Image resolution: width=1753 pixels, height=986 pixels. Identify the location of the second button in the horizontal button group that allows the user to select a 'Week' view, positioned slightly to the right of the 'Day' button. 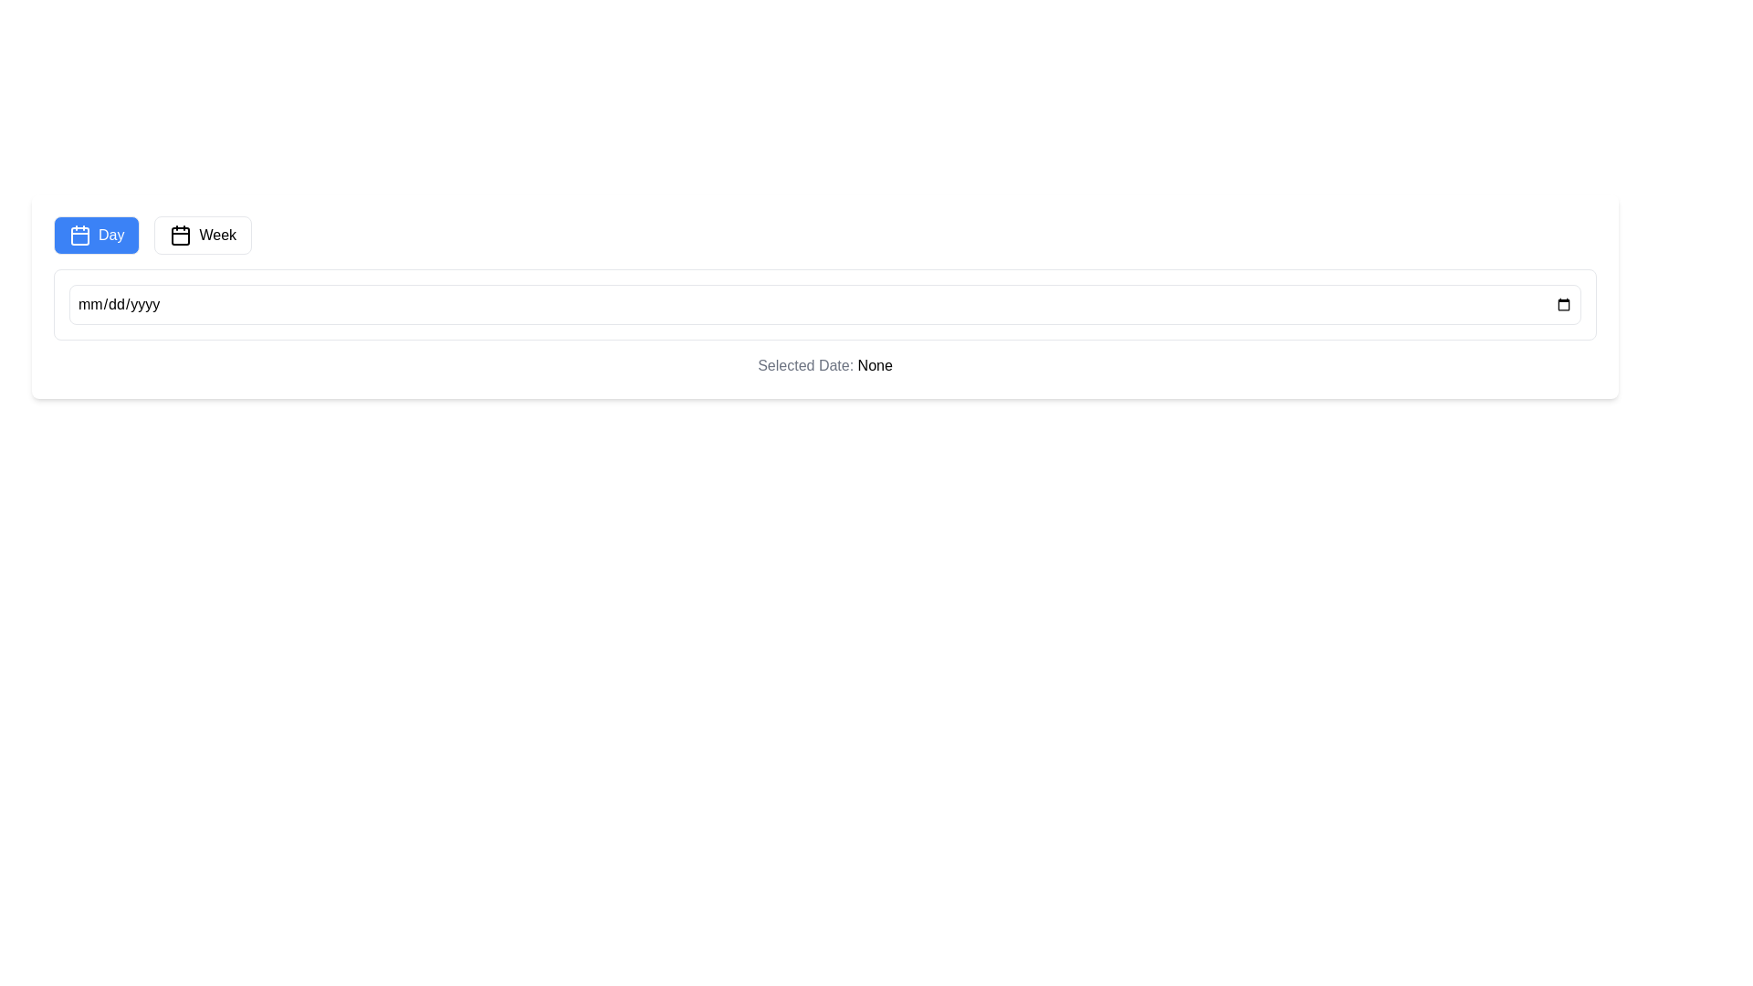
(203, 235).